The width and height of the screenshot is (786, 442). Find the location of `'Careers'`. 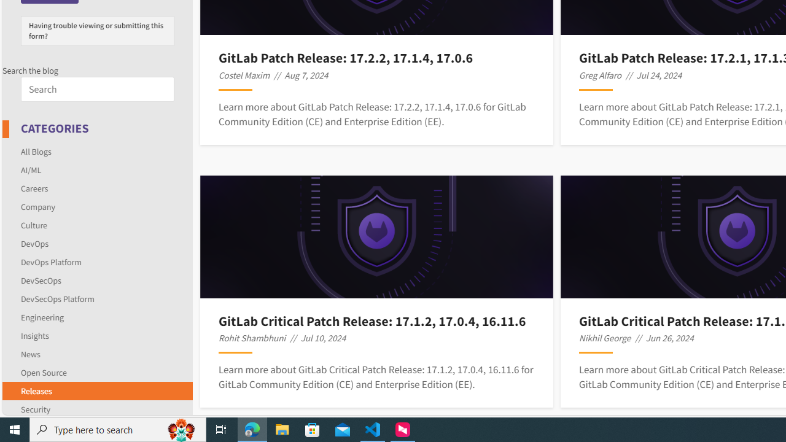

'Careers' is located at coordinates (34, 188).